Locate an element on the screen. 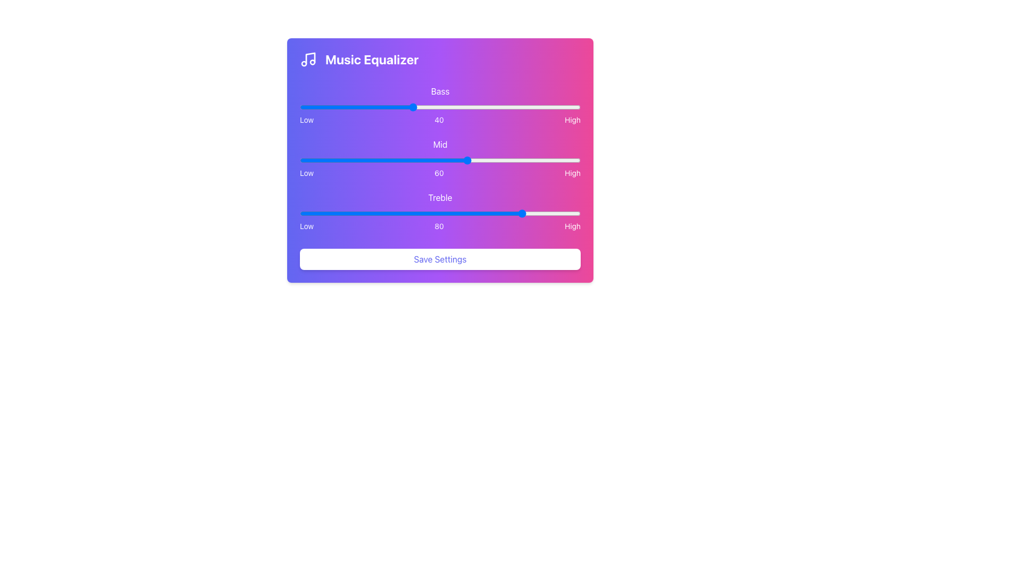 The width and height of the screenshot is (1021, 574). mid-range frequency is located at coordinates (322, 160).